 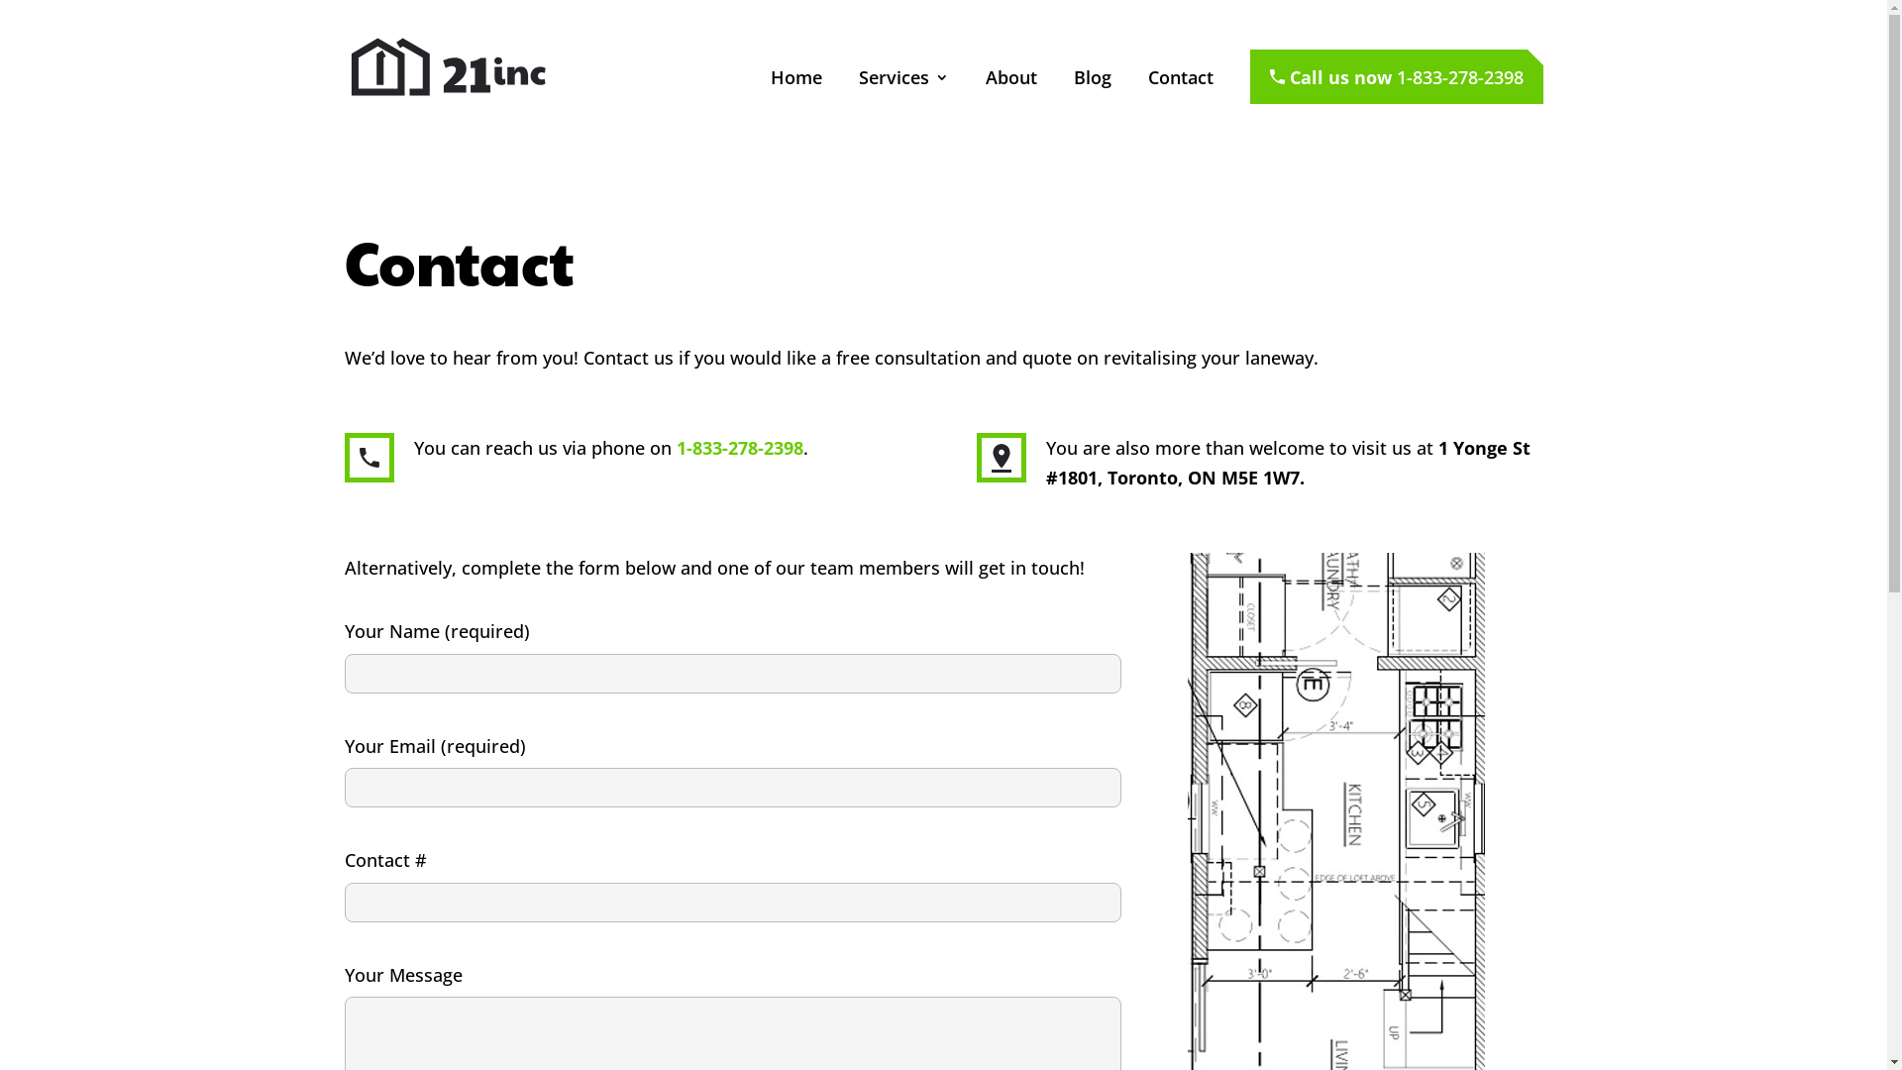 I want to click on 'Call us now 1-833-278-2398', so click(x=1396, y=75).